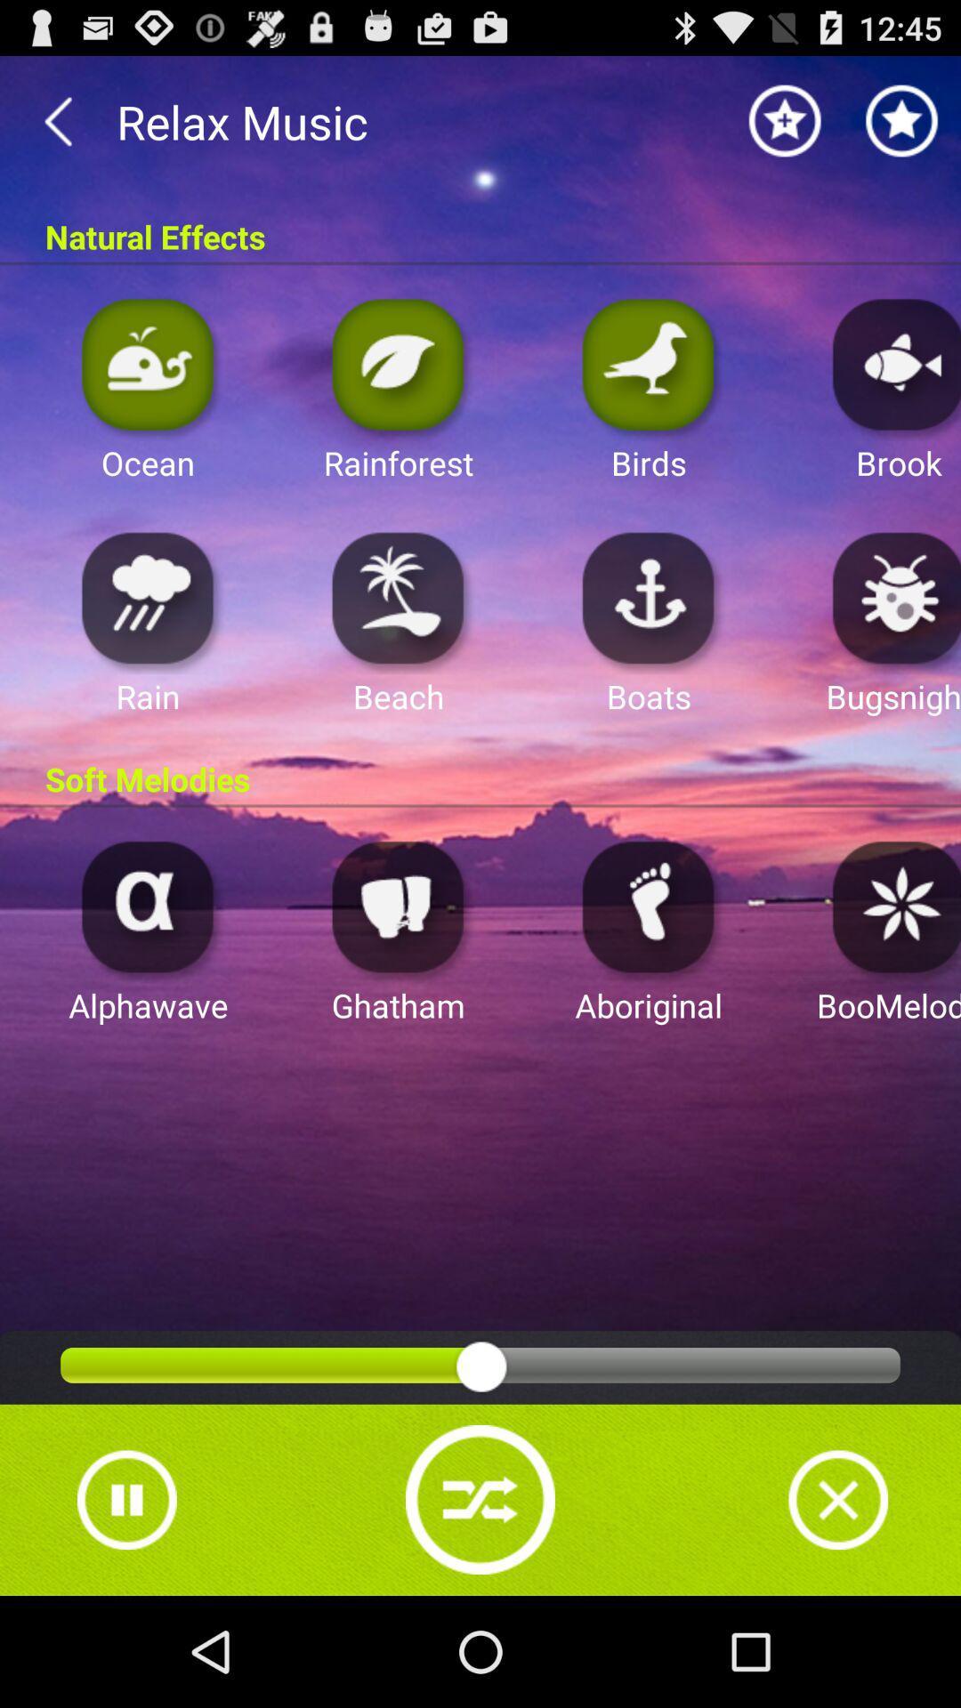 Image resolution: width=961 pixels, height=1708 pixels. Describe the element at coordinates (147, 363) in the screenshot. I see `ocean` at that location.